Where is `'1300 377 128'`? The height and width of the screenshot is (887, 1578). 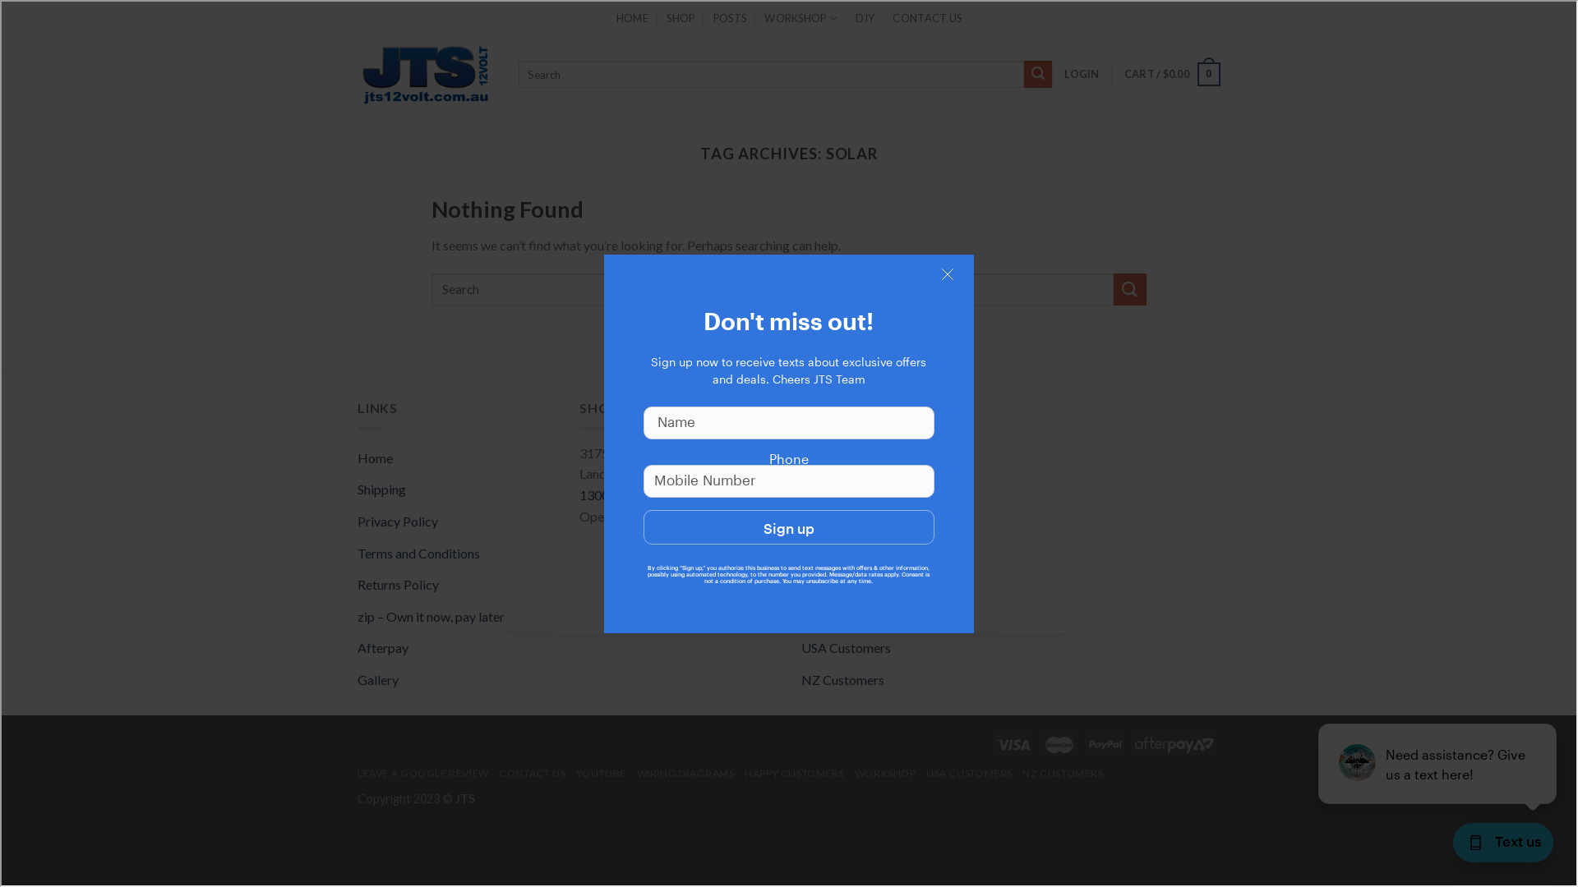 '1300 377 128' is located at coordinates (618, 494).